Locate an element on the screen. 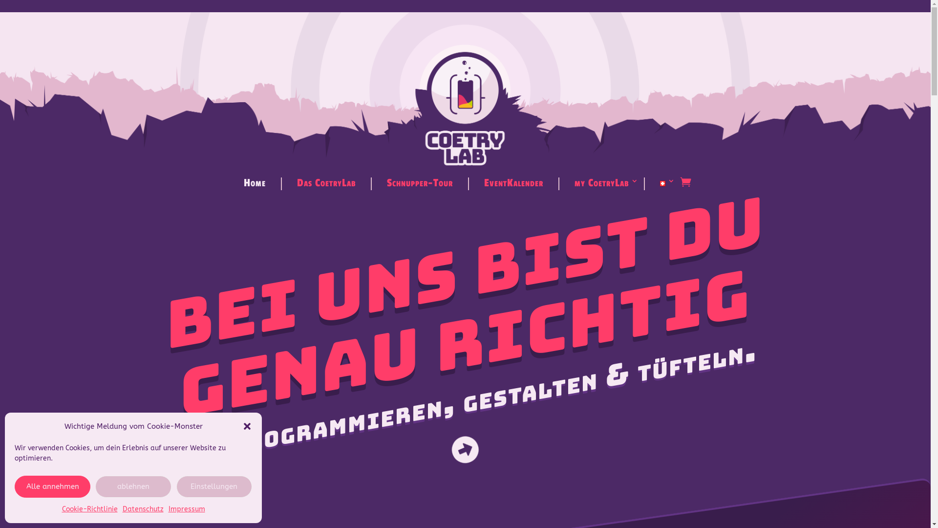 This screenshot has height=528, width=938. 'Einstellungen' is located at coordinates (213, 486).